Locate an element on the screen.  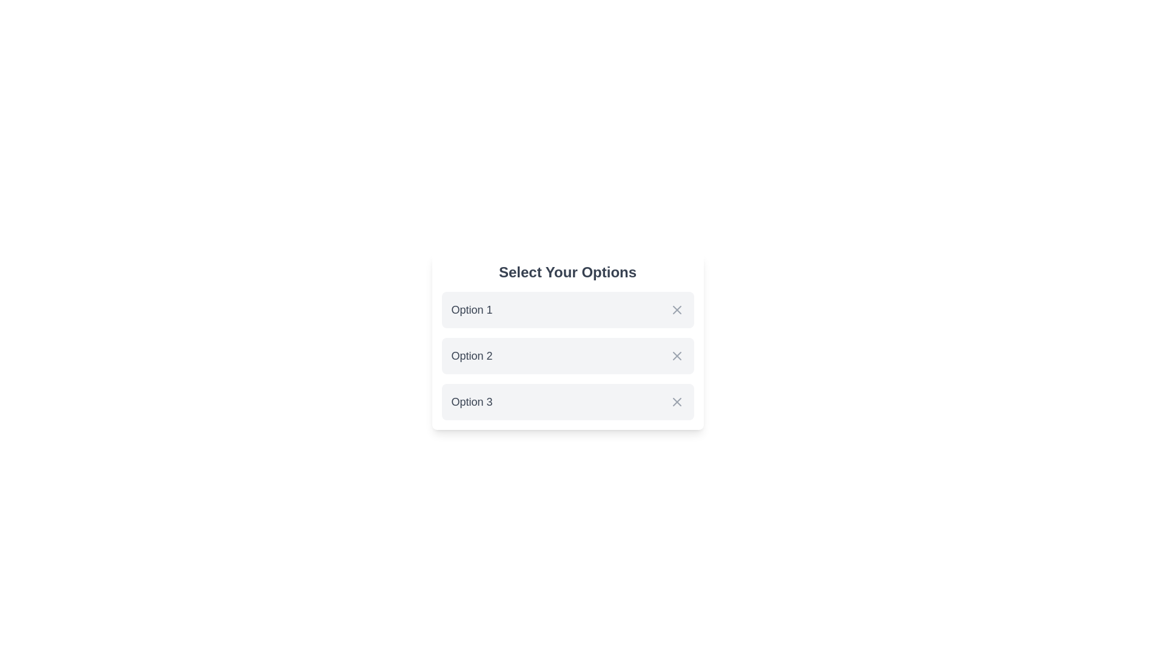
the text label for 'Option 3' to potentially receive visual feedback is located at coordinates (471, 401).